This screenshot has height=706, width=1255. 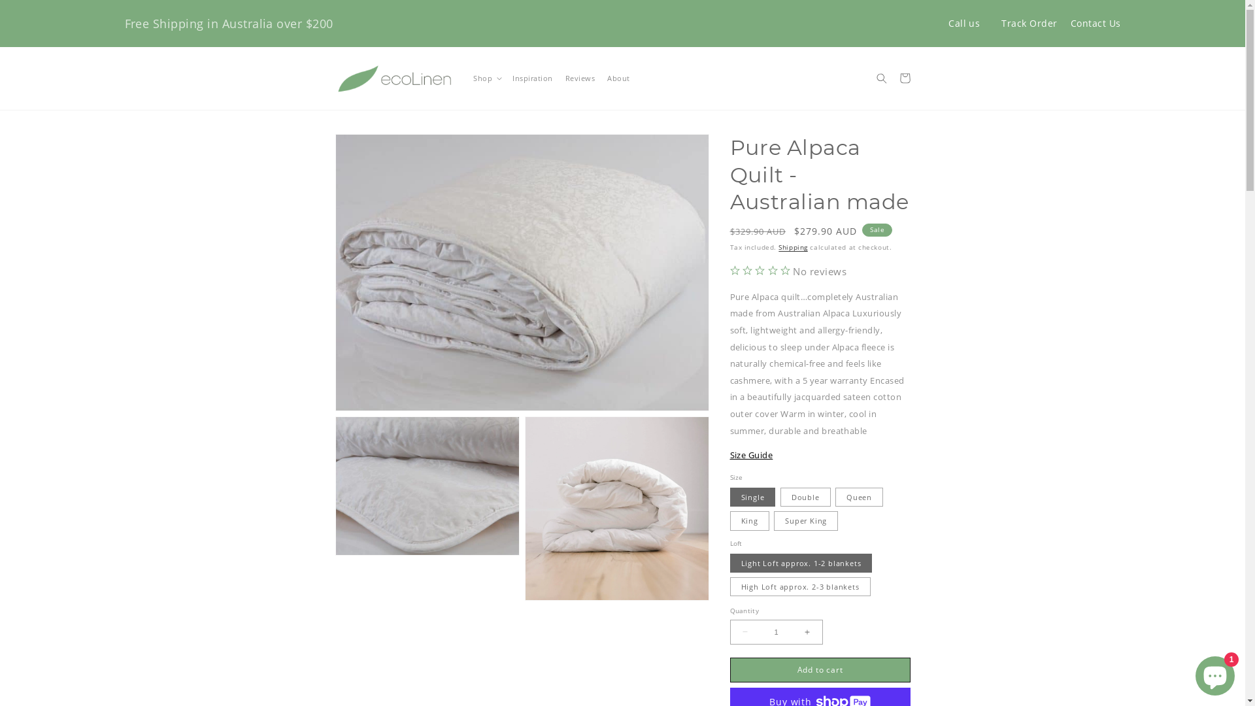 I want to click on 'Cart', so click(x=904, y=78).